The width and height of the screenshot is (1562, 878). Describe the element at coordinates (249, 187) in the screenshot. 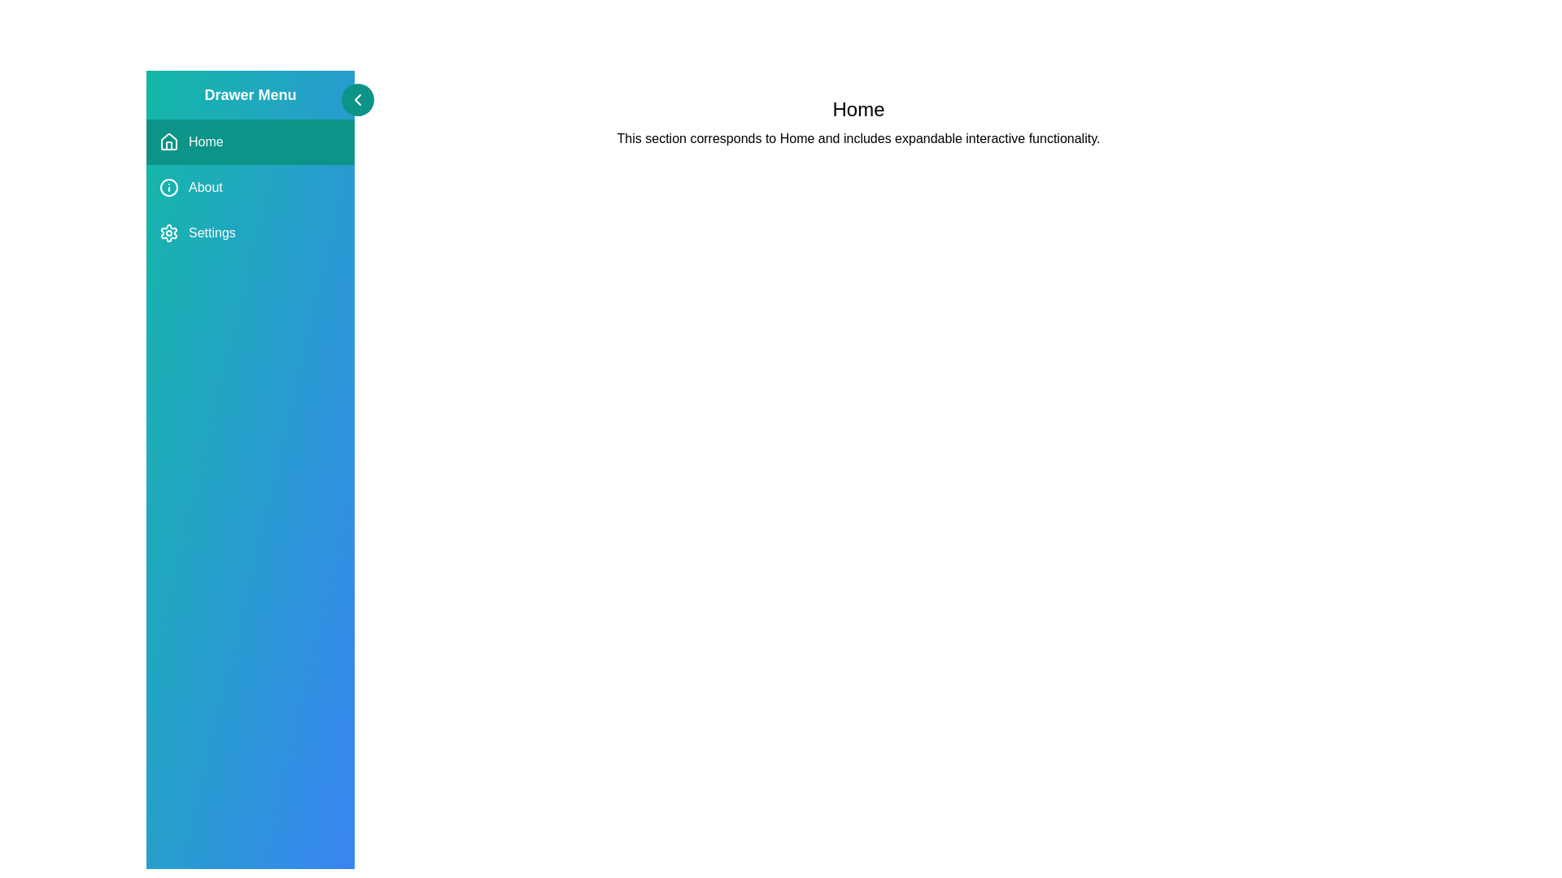

I see `the menu option About by clicking on it` at that location.